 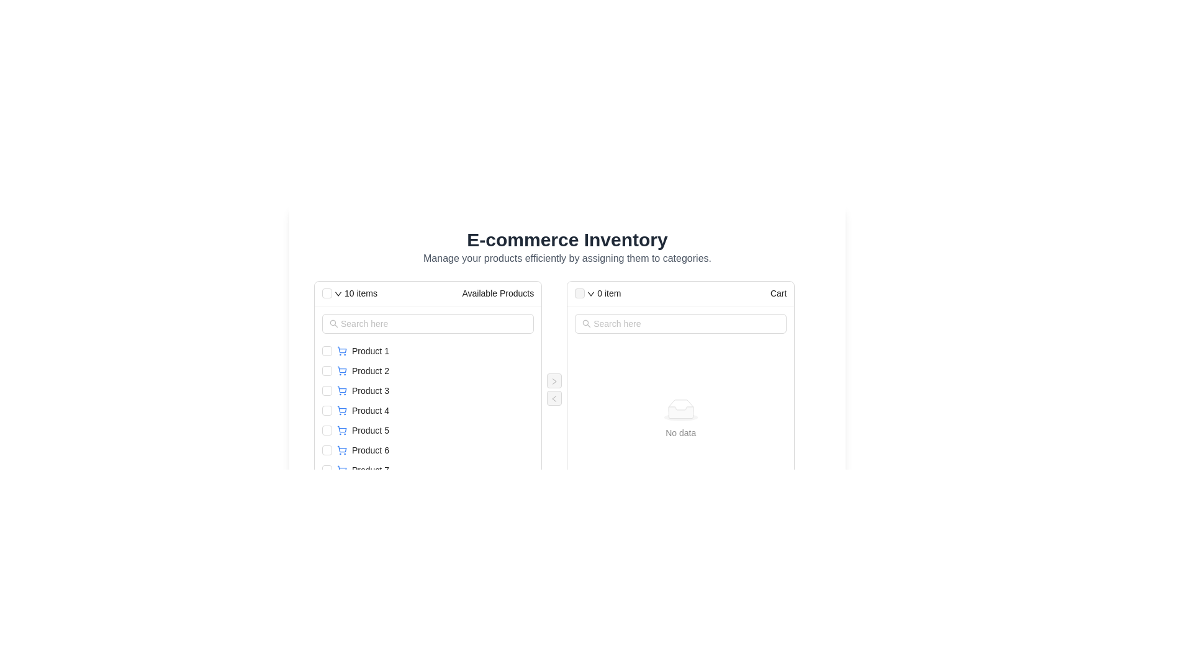 What do you see at coordinates (586, 323) in the screenshot?
I see `the magnifying glass icon, which signifies the search function, located at the far left within the search input field under the 'Cart' column` at bounding box center [586, 323].